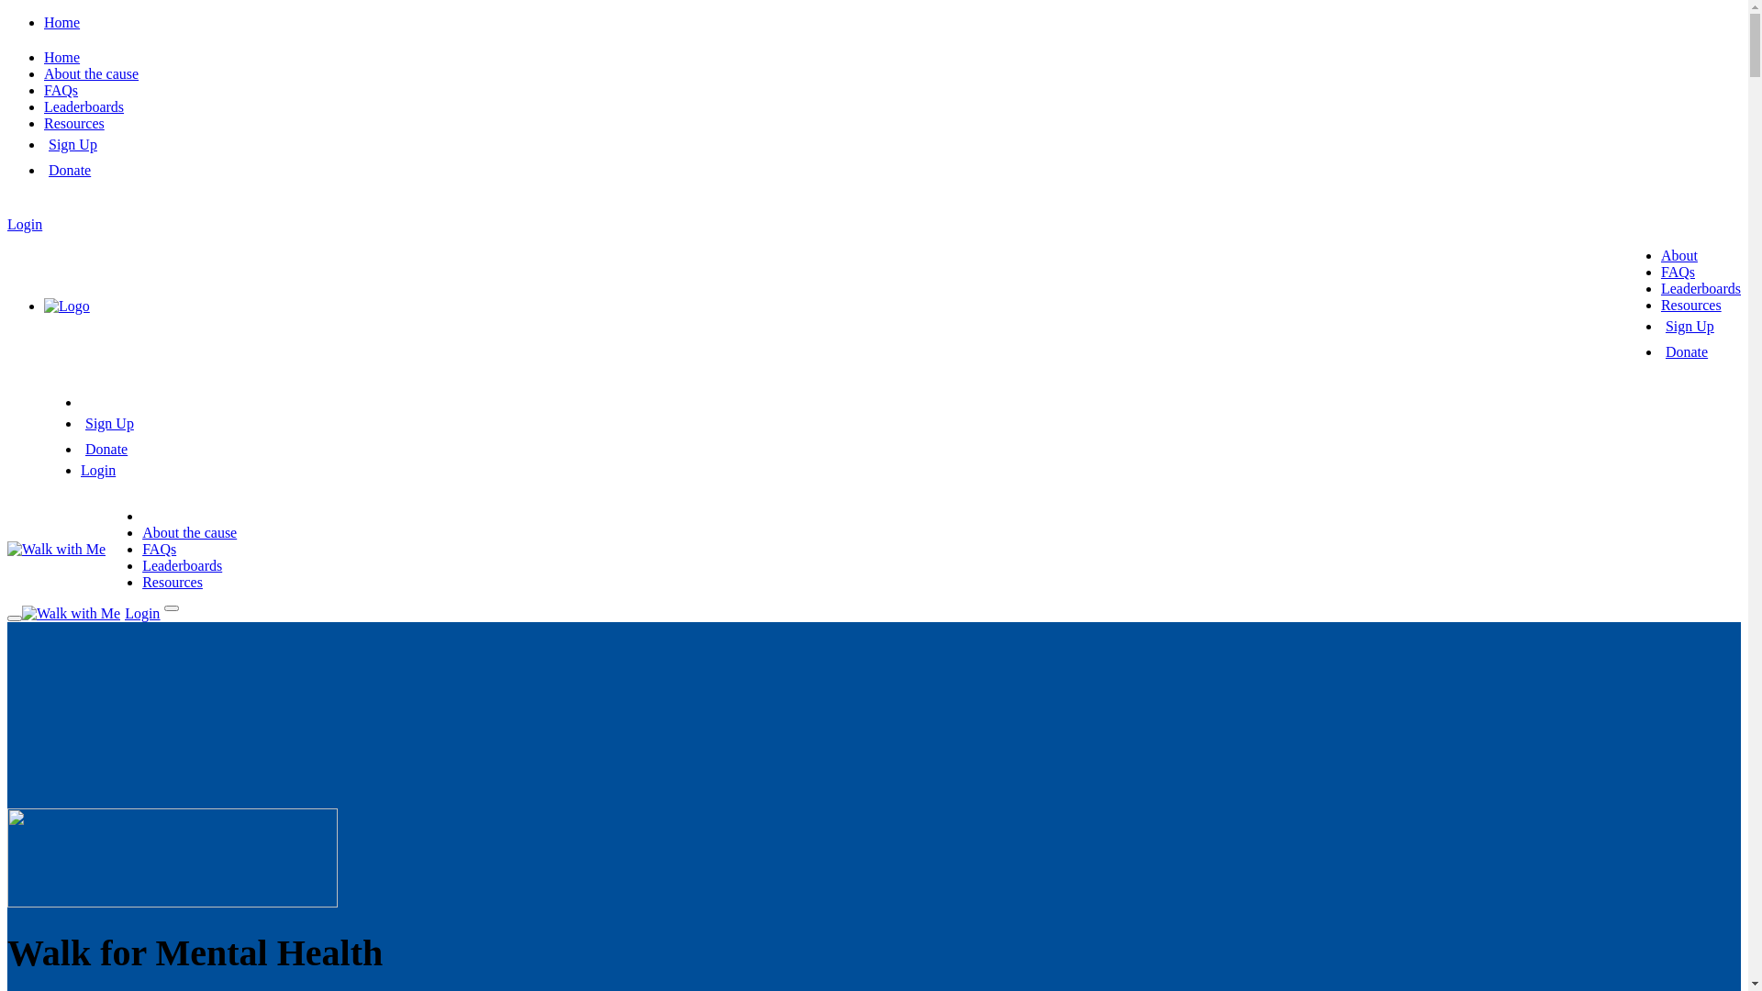  I want to click on 'Sign Up', so click(72, 143).